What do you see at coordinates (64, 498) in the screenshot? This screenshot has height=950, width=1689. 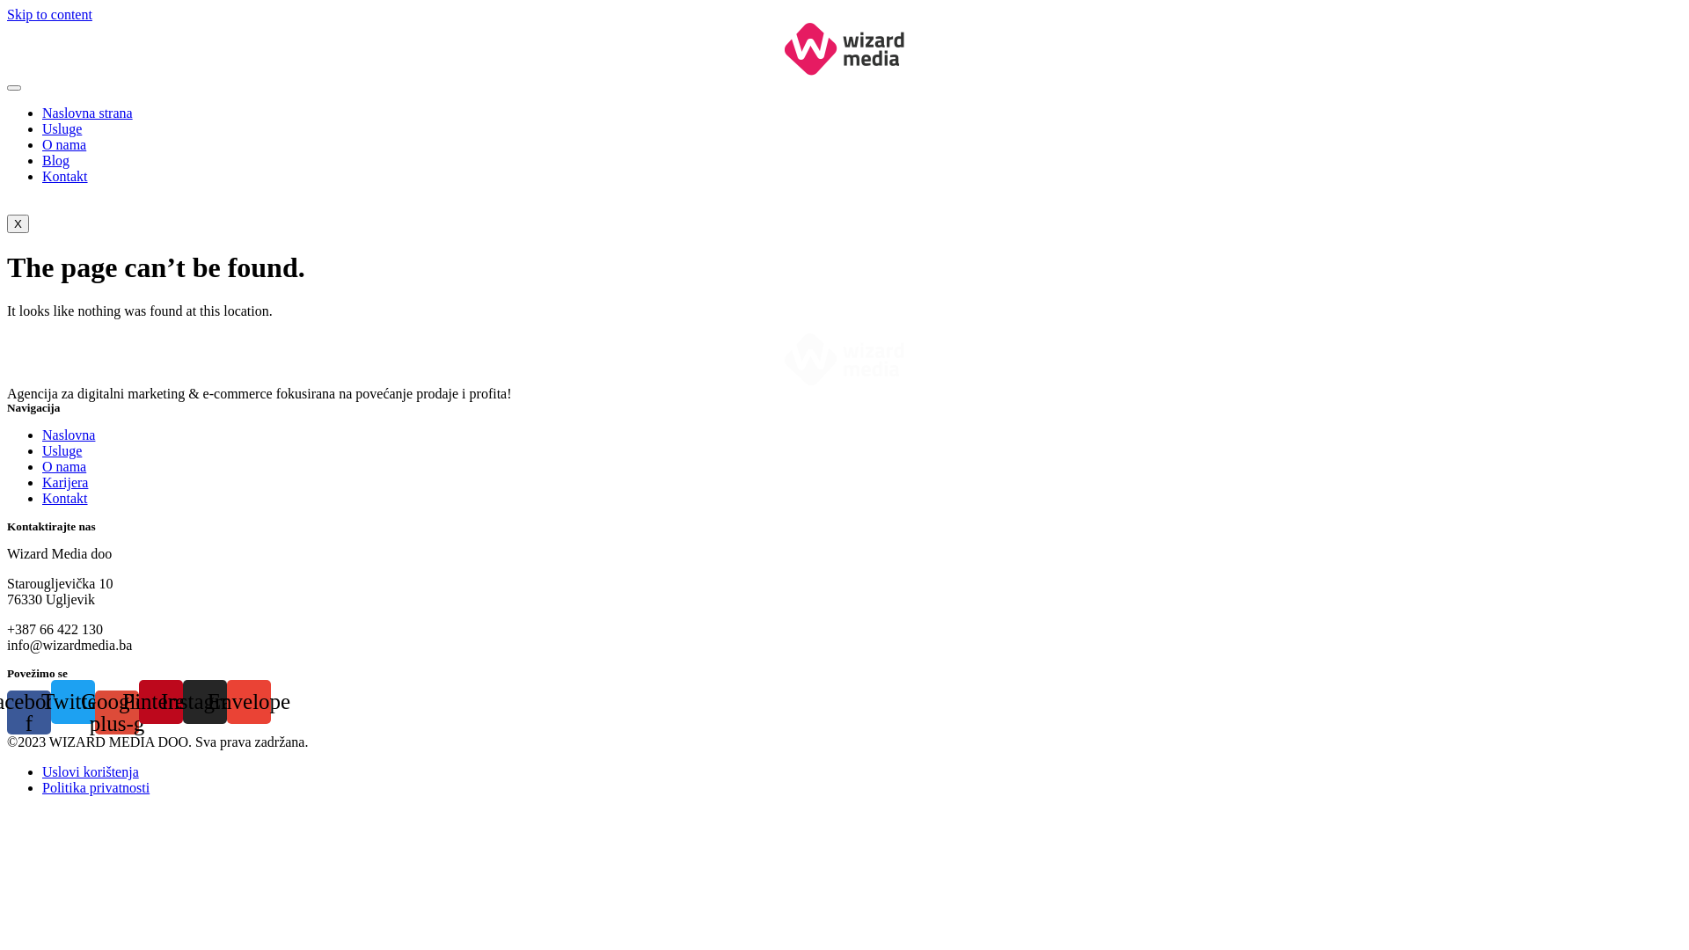 I see `'Kontakt'` at bounding box center [64, 498].